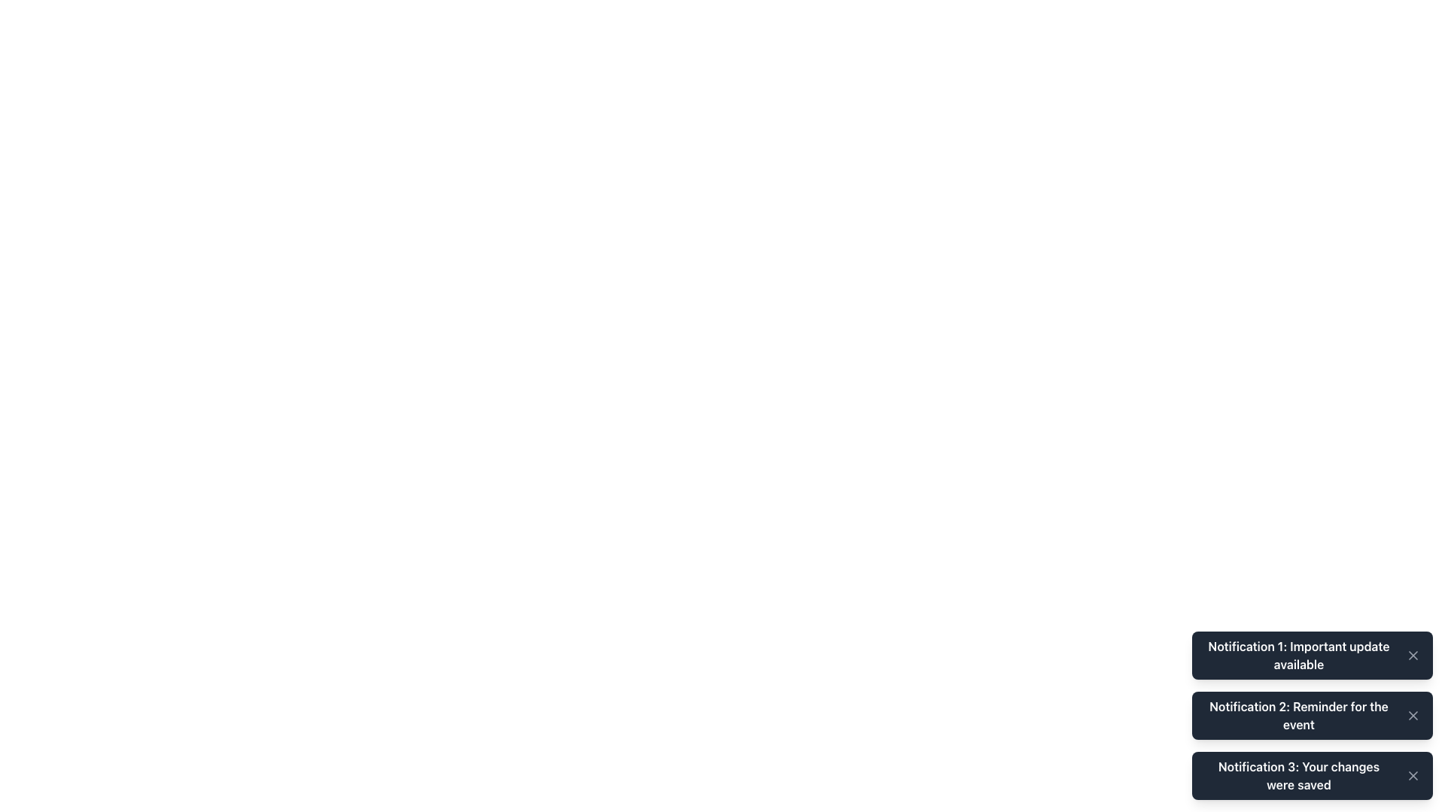  I want to click on the close button of the notification labeled 'Notification 3: Your changes were saved', so click(1412, 776).